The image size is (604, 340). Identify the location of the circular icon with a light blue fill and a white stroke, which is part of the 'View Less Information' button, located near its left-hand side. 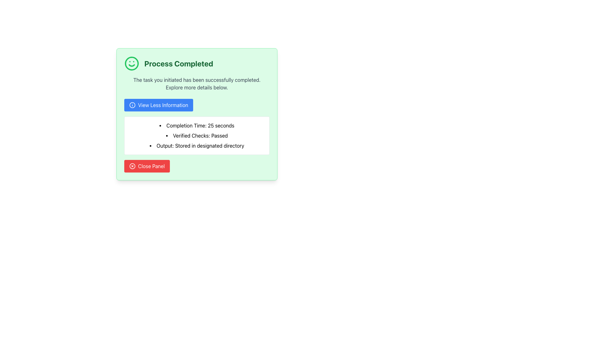
(132, 105).